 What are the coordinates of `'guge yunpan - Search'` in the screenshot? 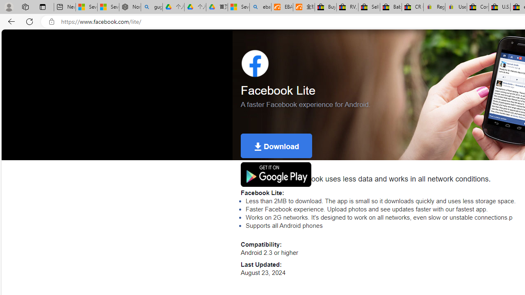 It's located at (151, 7).